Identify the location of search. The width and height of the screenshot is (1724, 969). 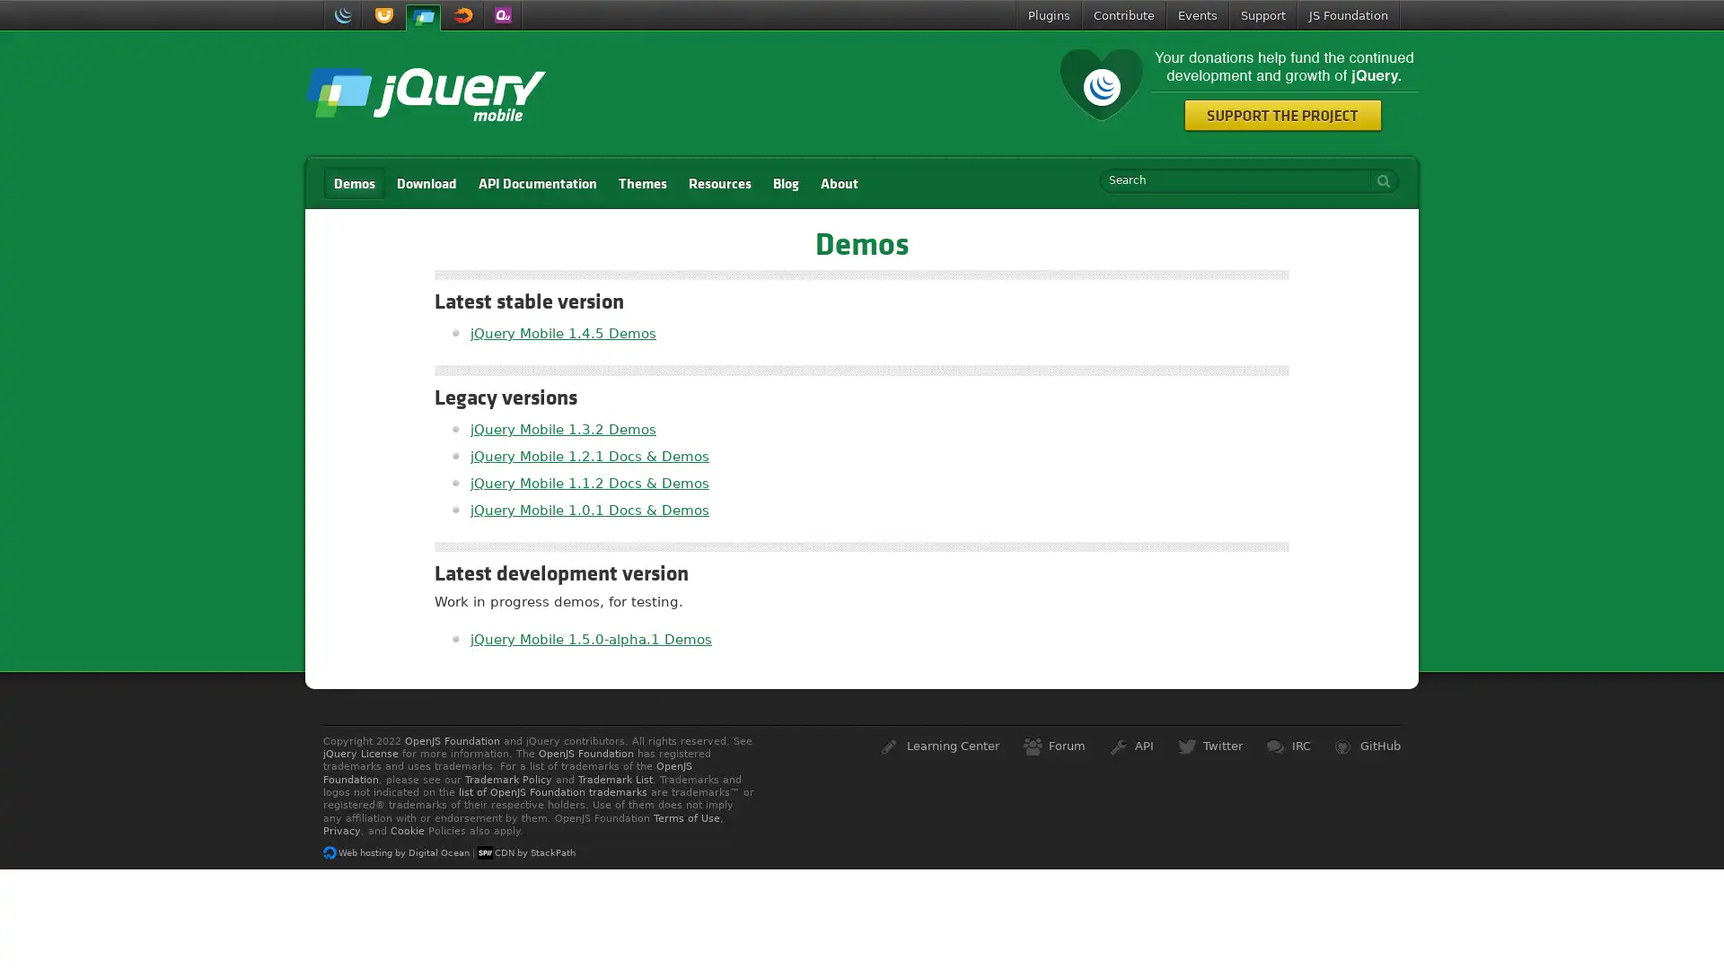
(1378, 180).